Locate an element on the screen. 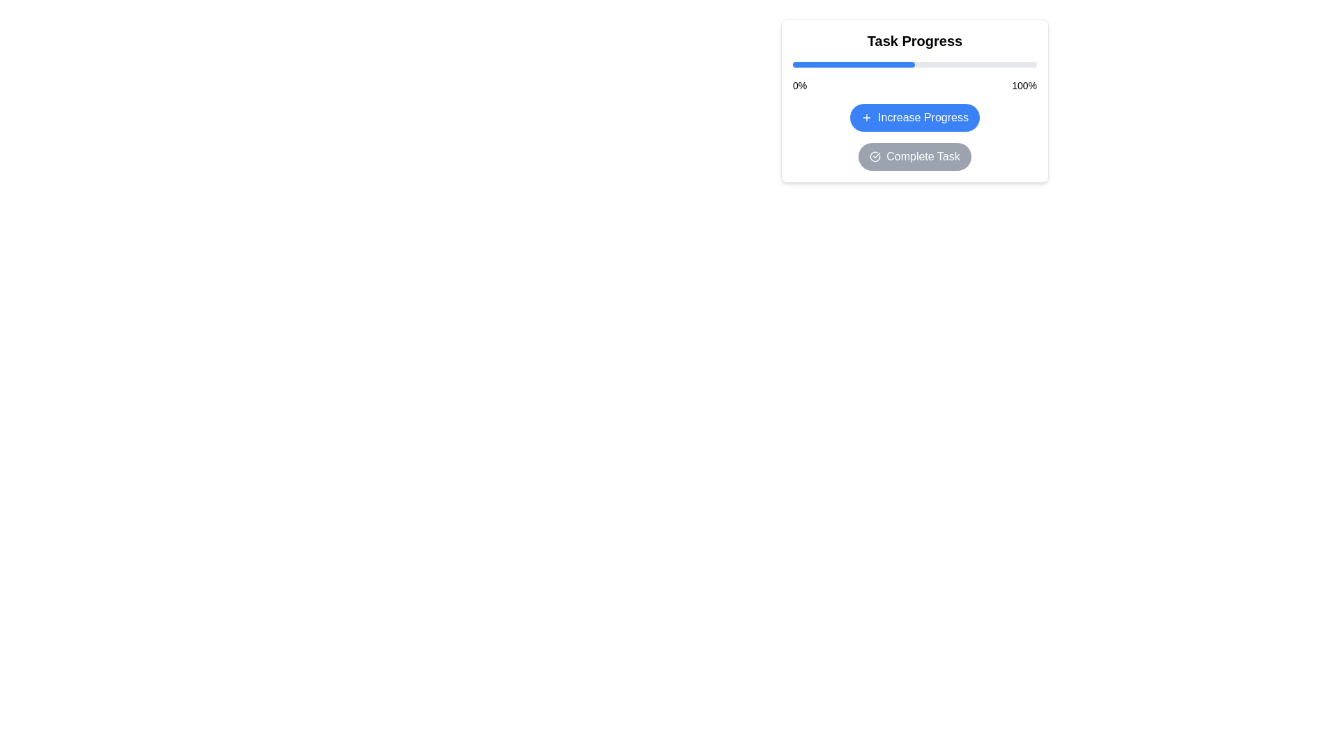 Image resolution: width=1339 pixels, height=753 pixels. the rounded blue button labeled 'Increase Progress' is located at coordinates (914, 117).